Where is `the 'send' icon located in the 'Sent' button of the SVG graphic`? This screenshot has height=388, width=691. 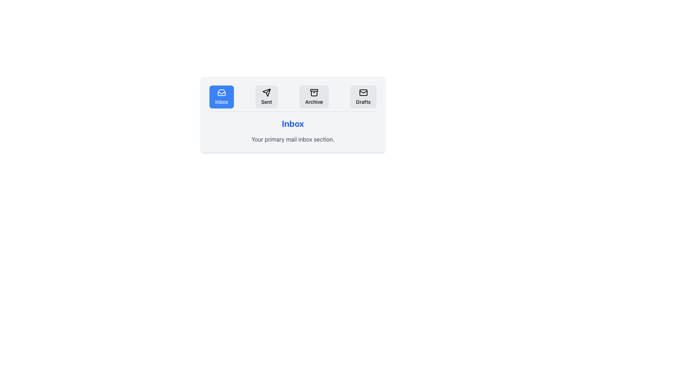 the 'send' icon located in the 'Sent' button of the SVG graphic is located at coordinates (266, 92).